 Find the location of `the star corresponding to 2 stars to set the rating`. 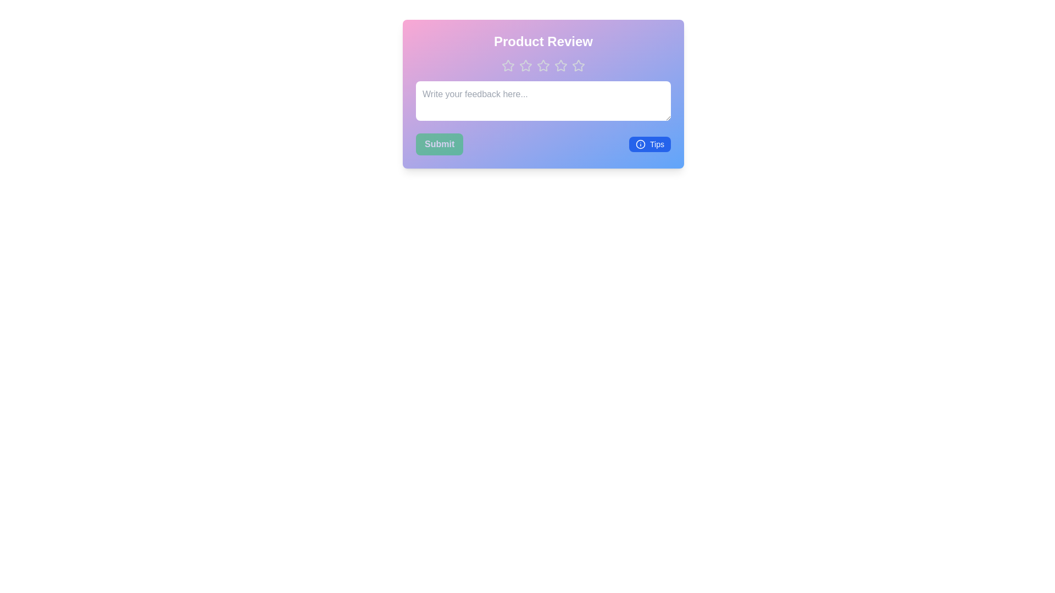

the star corresponding to 2 stars to set the rating is located at coordinates (525, 65).